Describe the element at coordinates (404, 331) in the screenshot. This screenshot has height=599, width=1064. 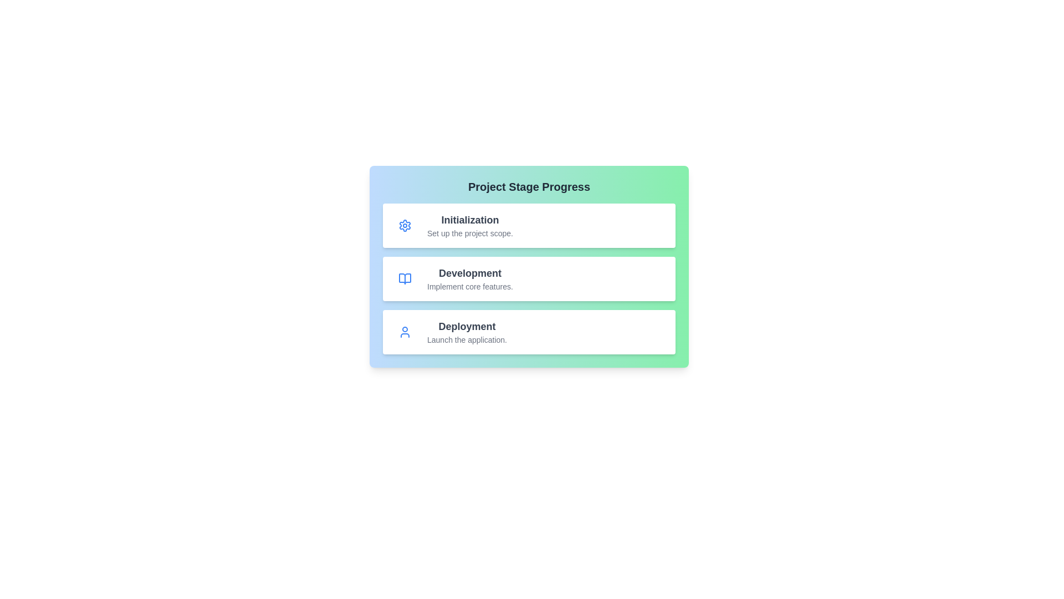
I see `the blue circular icon representing a user, which is located next to the text 'Deployment - Launch the application.'` at that location.